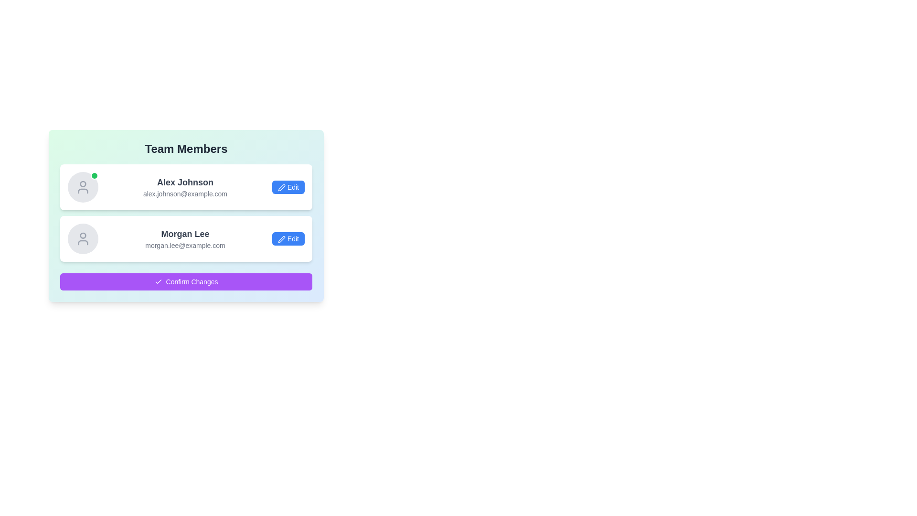 The width and height of the screenshot is (917, 516). Describe the element at coordinates (185, 238) in the screenshot. I see `the text display block that shows a team member's name and email information, located in the second user information card under the 'Team Members' section` at that location.